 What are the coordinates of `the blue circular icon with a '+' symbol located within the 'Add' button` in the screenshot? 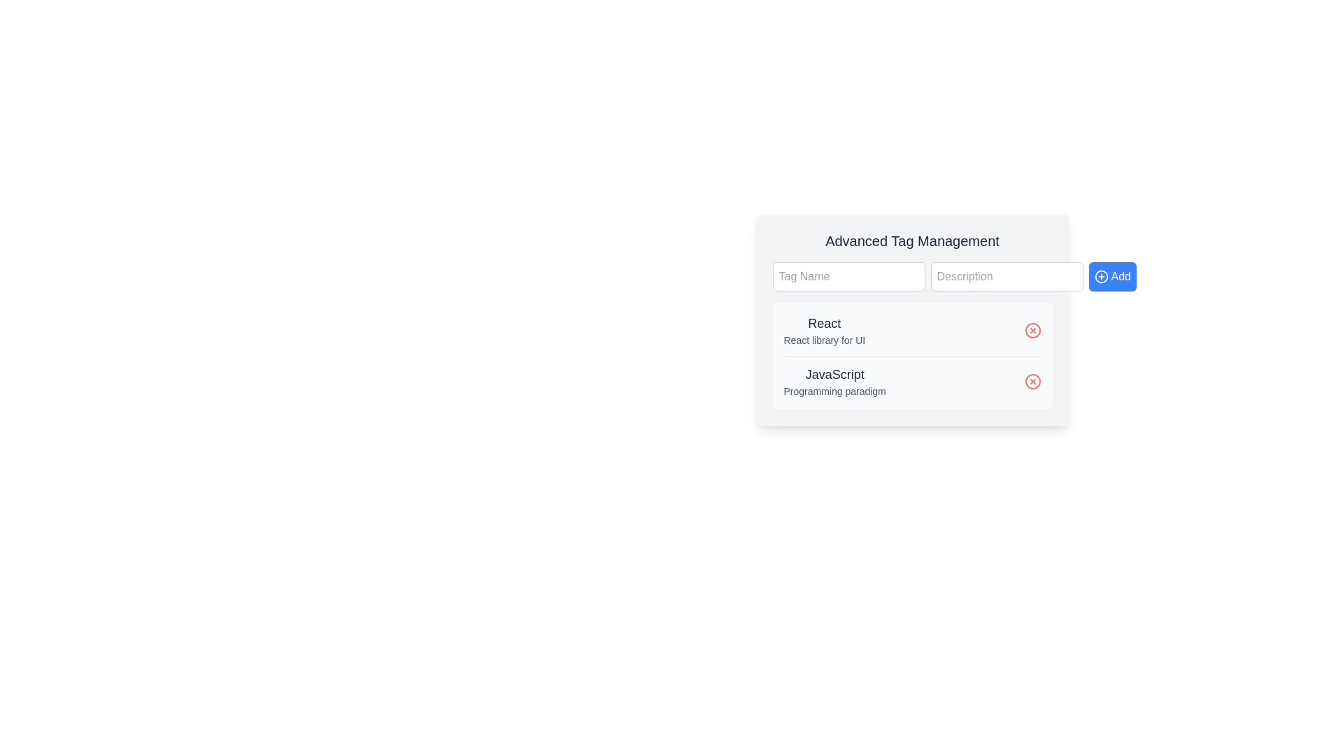 It's located at (1100, 277).